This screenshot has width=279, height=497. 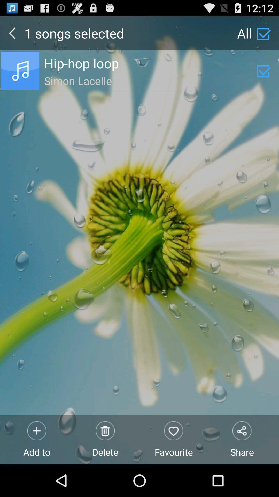 I want to click on the arrow_backward icon, so click(x=12, y=35).